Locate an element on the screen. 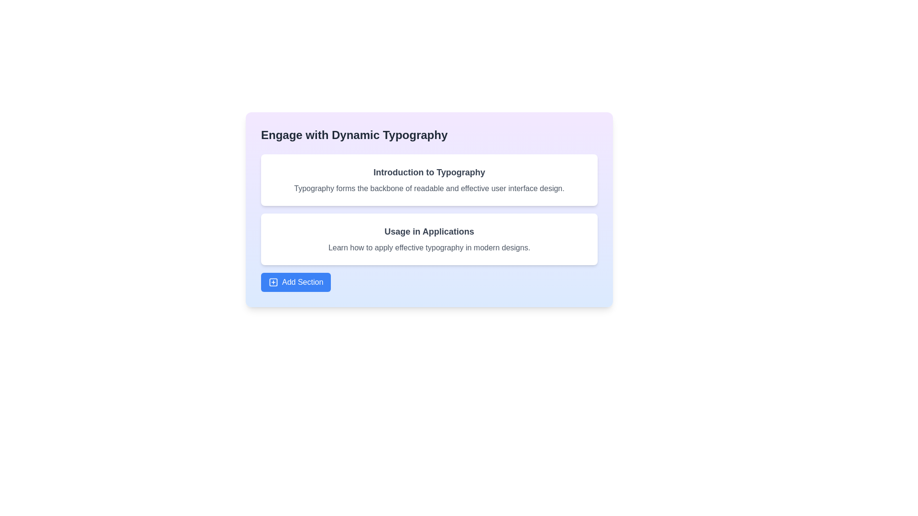 Image resolution: width=918 pixels, height=516 pixels. the 'Add Section' button, which is located at the bottom-left corner of the main interface panel and includes an icon for adding or creating a new section is located at coordinates (273, 281).